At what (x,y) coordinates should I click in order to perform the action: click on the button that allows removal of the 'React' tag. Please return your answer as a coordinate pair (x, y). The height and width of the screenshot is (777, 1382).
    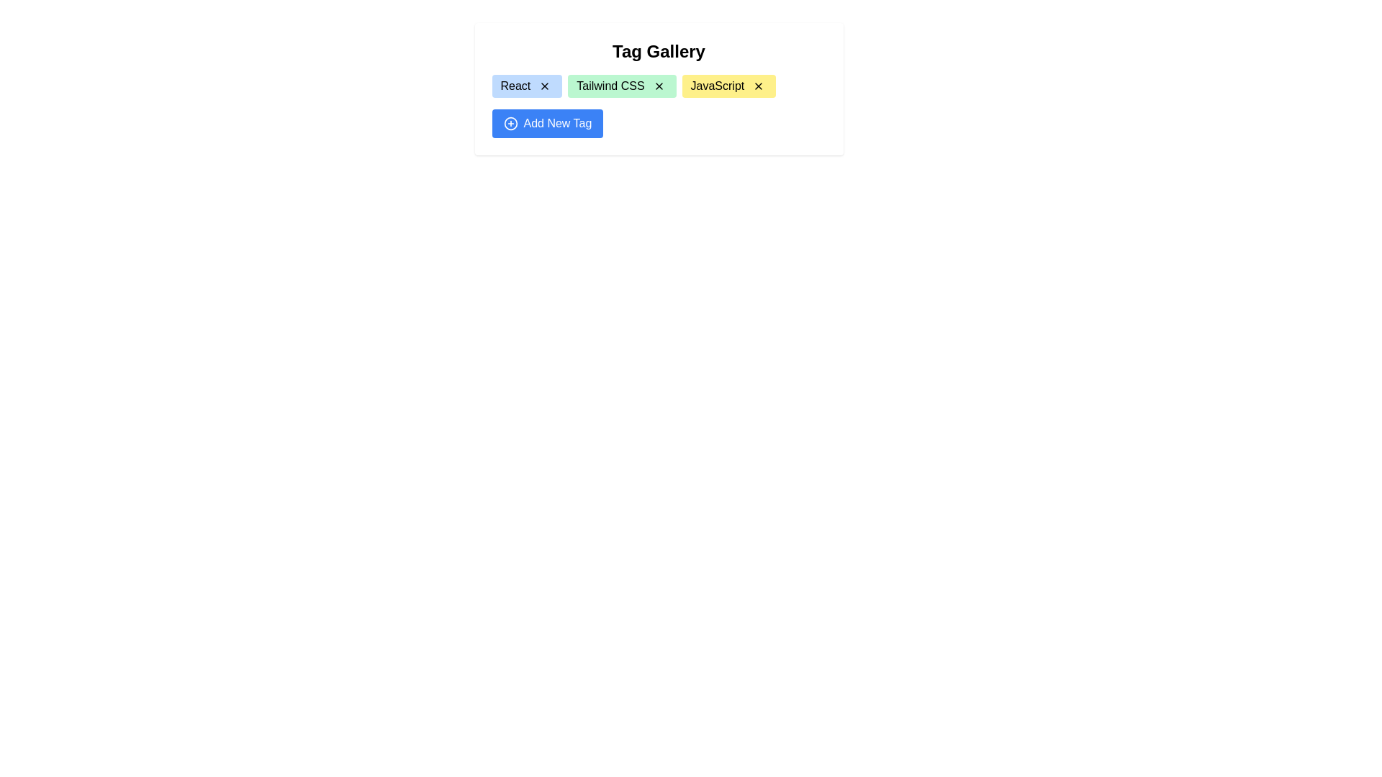
    Looking at the image, I should click on (544, 86).